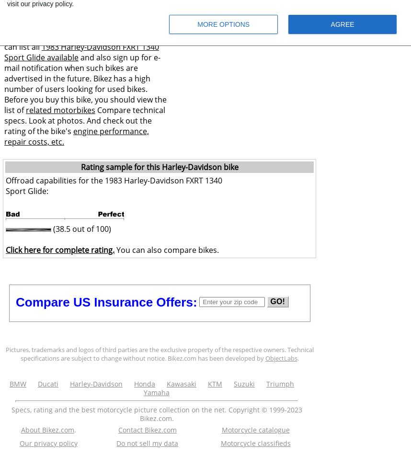 The width and height of the screenshot is (411, 456). Describe the element at coordinates (114, 186) in the screenshot. I see `'Offroad capabilities for the 1983 Harley-Davidson FXRT 1340 Sport Glide:'` at that location.